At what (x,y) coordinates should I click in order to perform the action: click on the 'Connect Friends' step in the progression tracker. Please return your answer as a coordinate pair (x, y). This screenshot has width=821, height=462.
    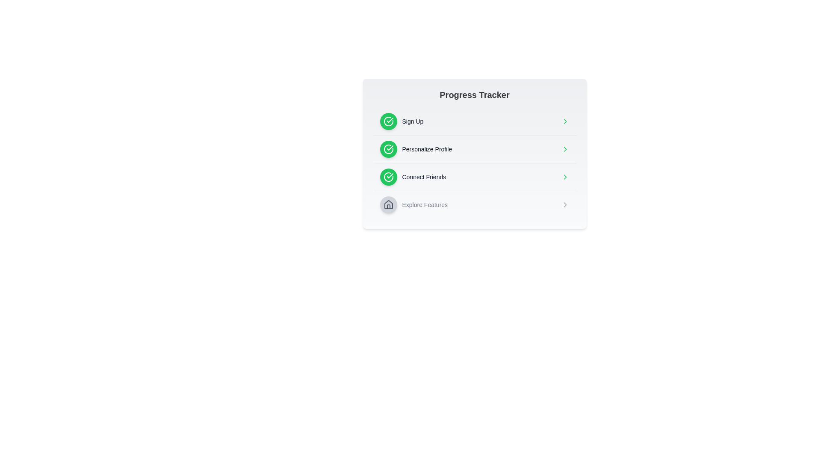
    Looking at the image, I should click on (474, 177).